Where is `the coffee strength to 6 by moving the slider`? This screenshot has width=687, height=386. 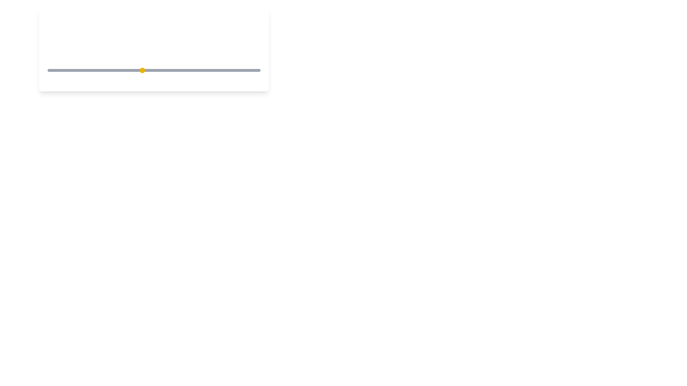
the coffee strength to 6 by moving the slider is located at coordinates (165, 70).